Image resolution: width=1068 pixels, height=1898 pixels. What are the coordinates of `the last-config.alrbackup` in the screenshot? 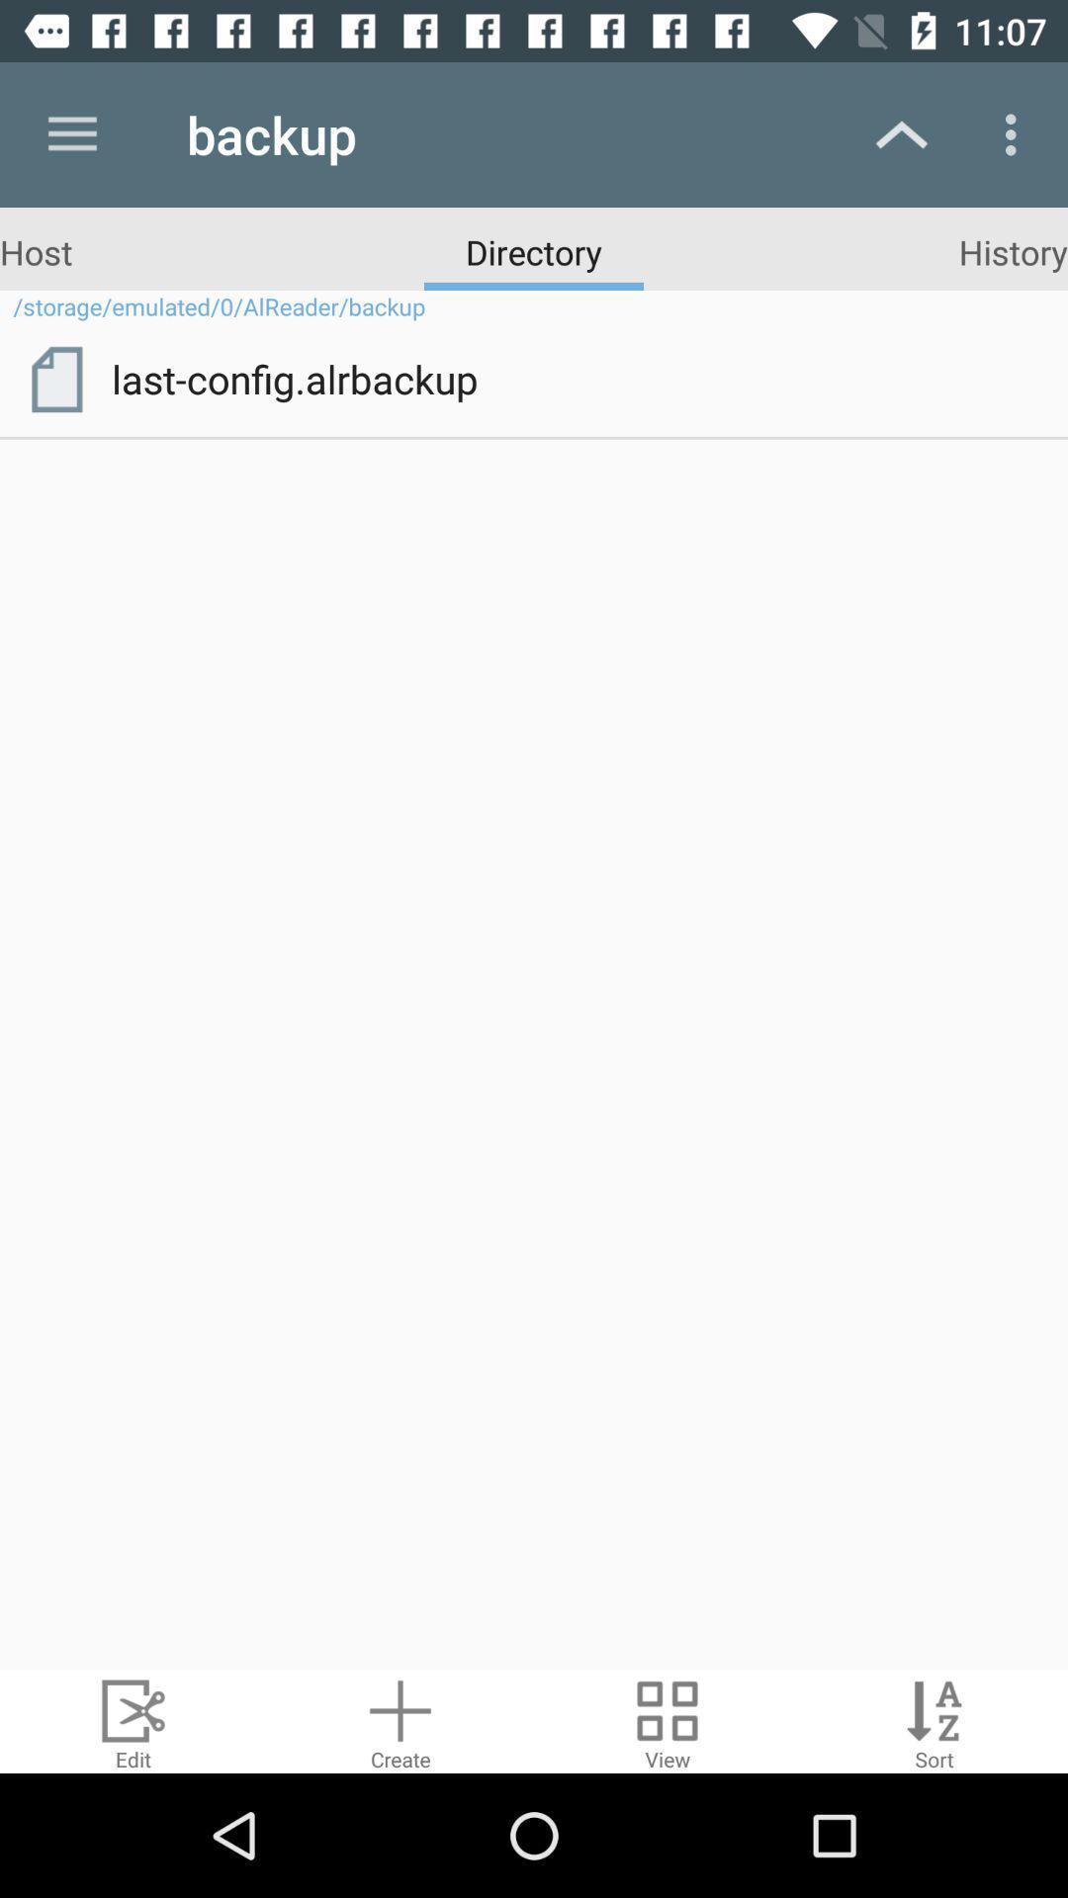 It's located at (576, 379).